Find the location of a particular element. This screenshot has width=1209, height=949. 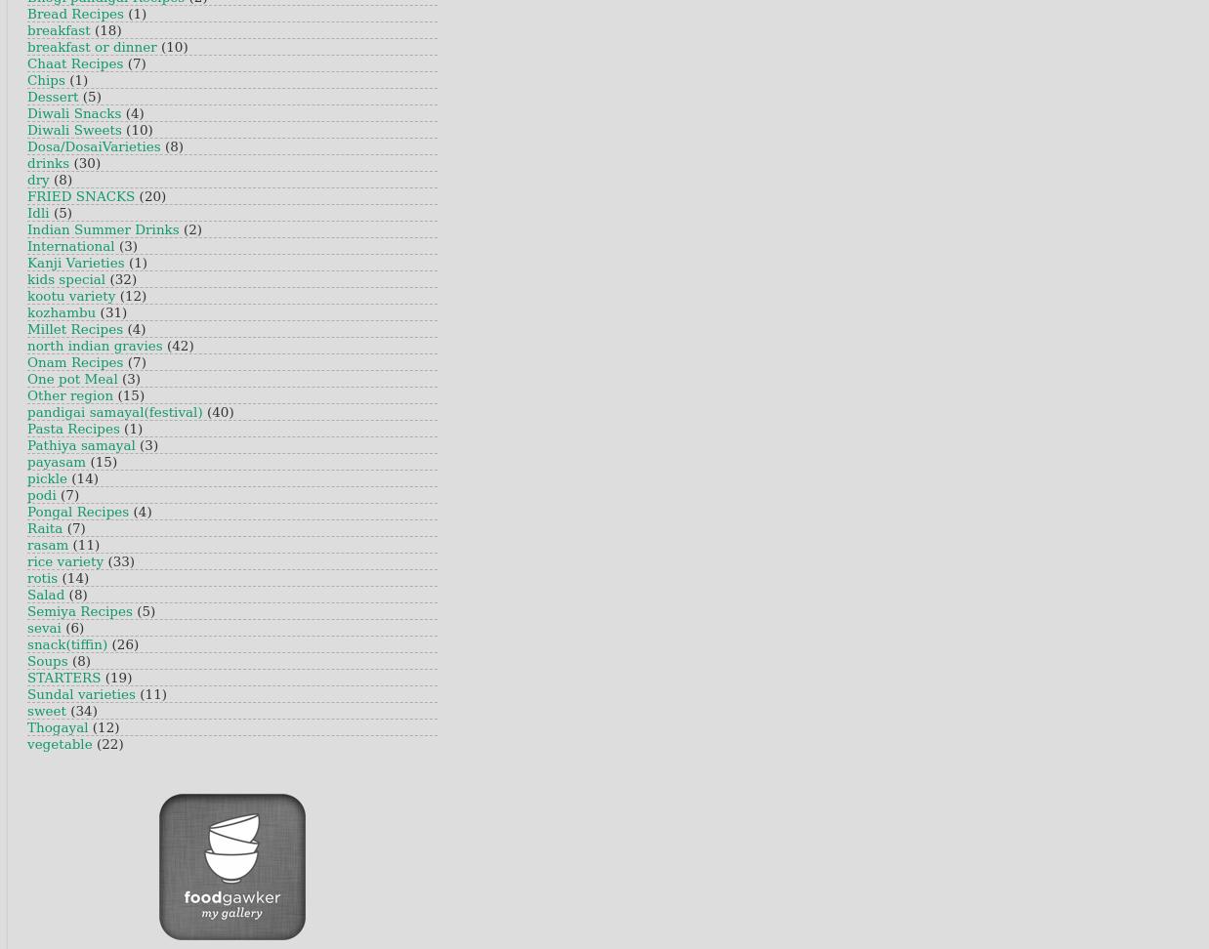

'(40)' is located at coordinates (204, 412).